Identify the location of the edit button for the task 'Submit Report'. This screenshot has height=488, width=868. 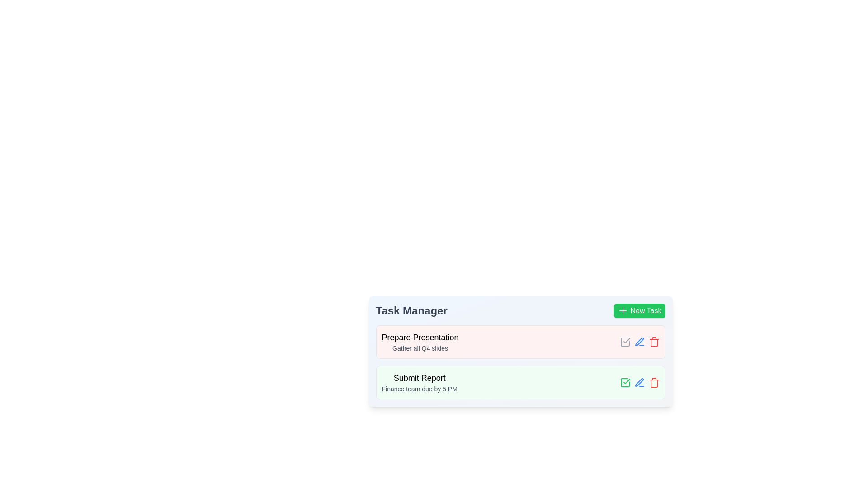
(639, 383).